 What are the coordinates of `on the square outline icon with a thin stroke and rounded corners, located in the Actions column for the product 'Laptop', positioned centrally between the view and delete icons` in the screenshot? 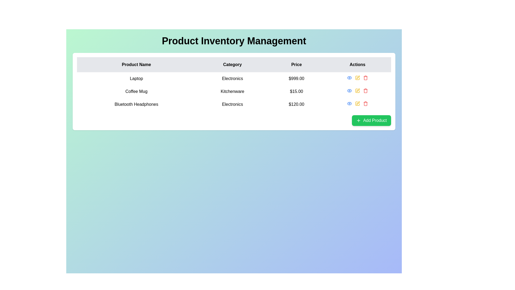 It's located at (357, 78).